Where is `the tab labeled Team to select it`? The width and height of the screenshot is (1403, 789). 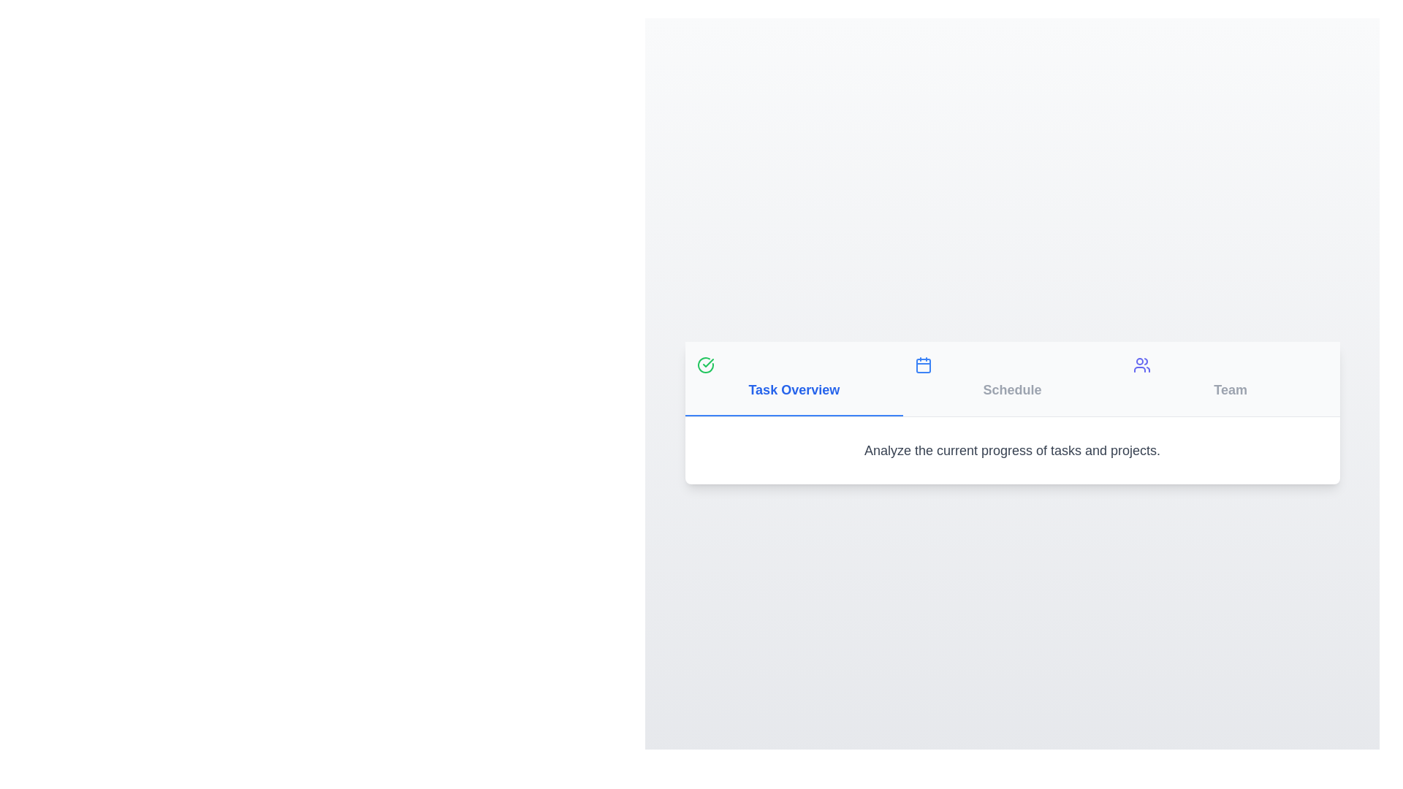
the tab labeled Team to select it is located at coordinates (1230, 378).